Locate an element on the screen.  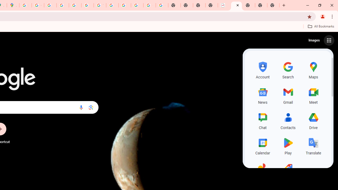
'Gmail, row 2 of 5 and column 2 of 3 in the first section' is located at coordinates (288, 95).